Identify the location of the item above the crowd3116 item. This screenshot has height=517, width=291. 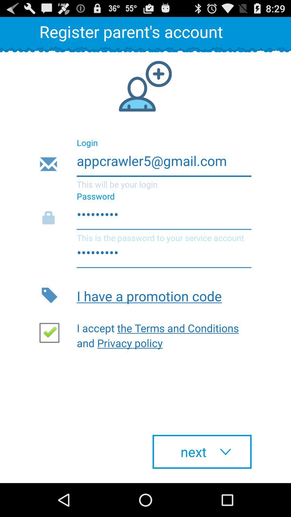
(145, 164).